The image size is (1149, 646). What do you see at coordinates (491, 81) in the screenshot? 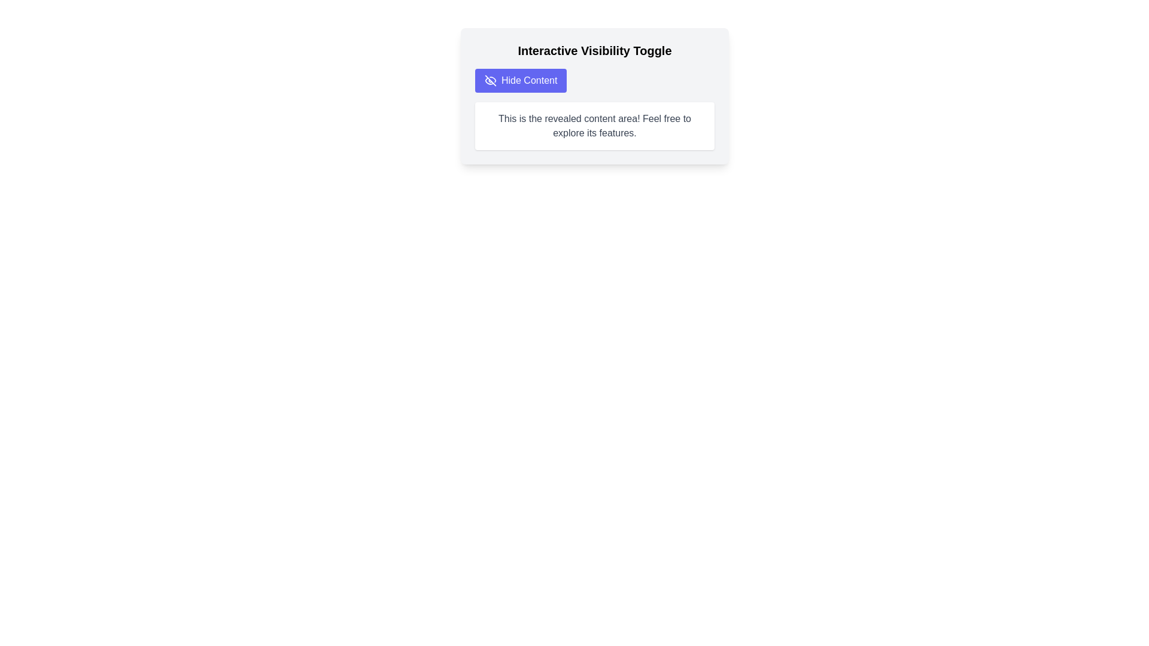
I see `the eye-off icon within the 'Hide Content' button` at bounding box center [491, 81].